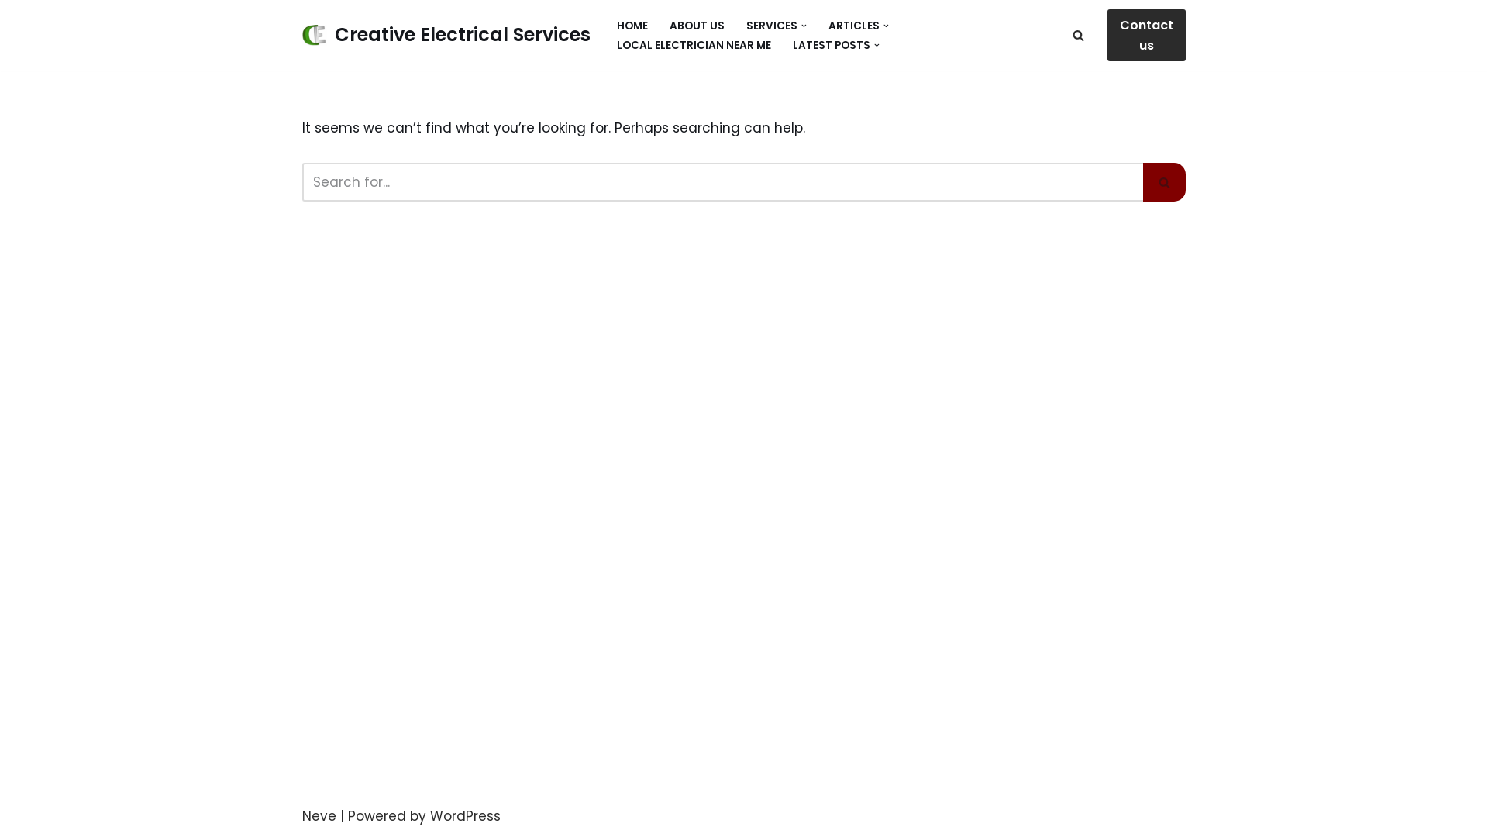  I want to click on 'Contact us', so click(1146, 35).